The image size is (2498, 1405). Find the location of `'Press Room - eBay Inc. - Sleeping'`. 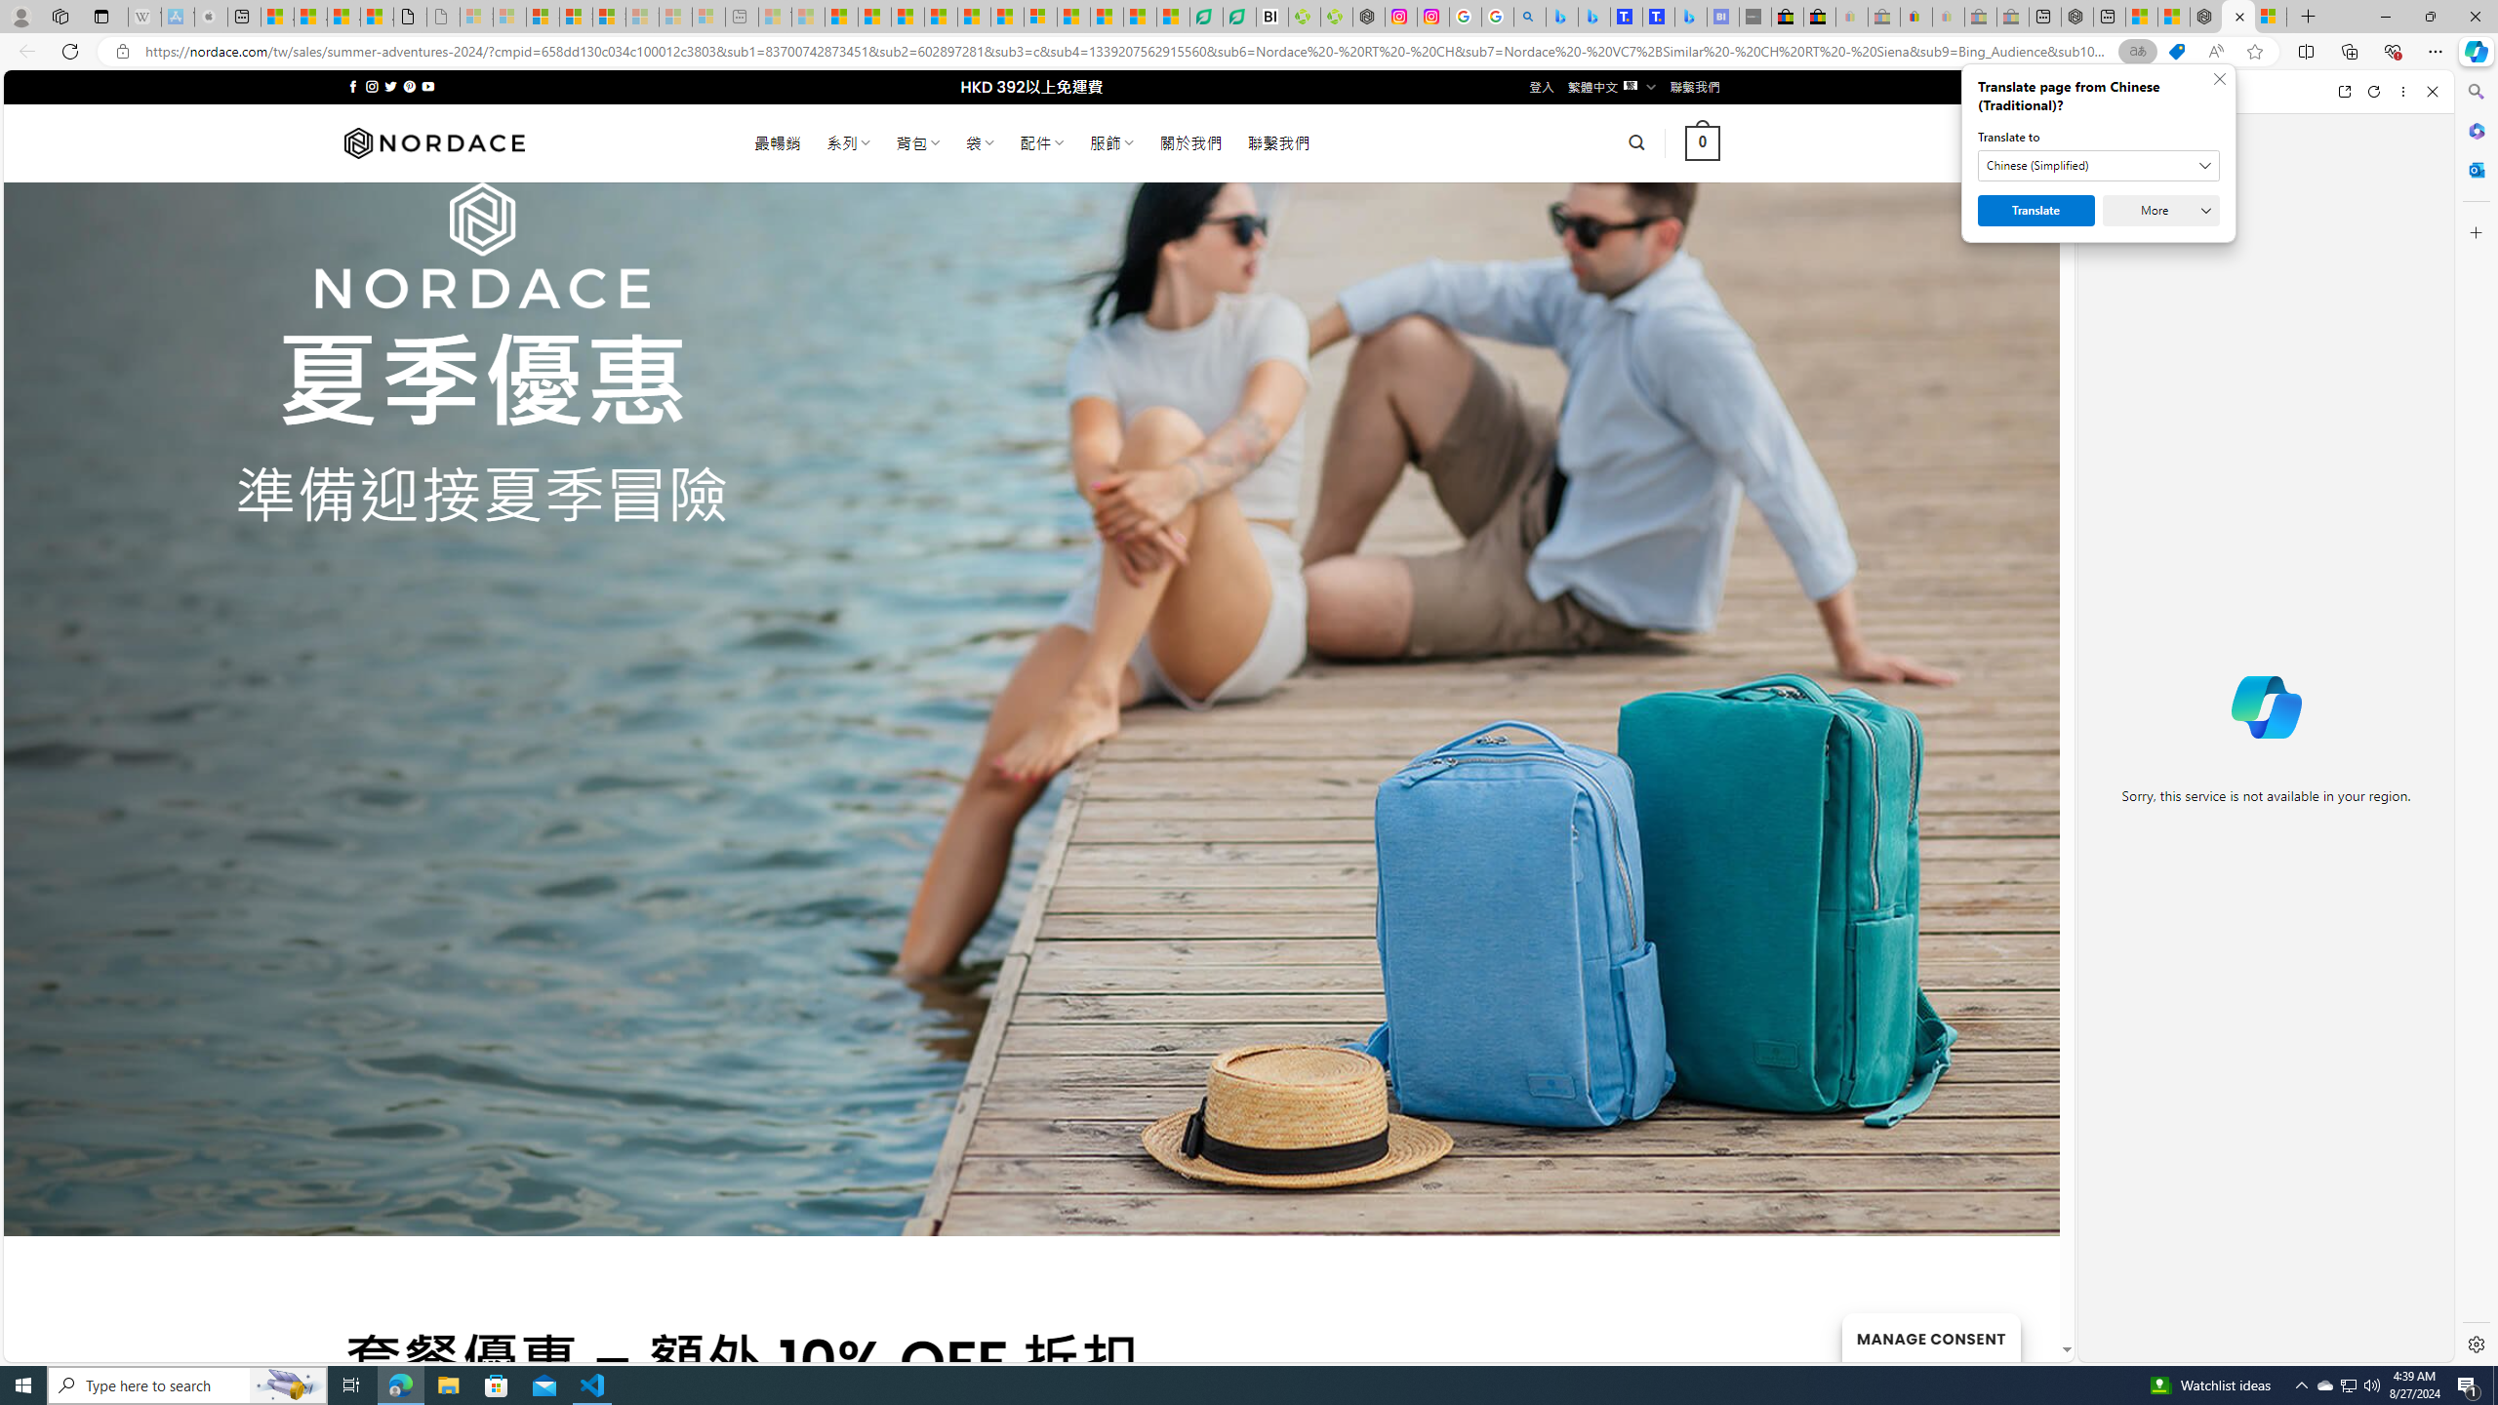

'Press Room - eBay Inc. - Sleeping' is located at coordinates (1981, 16).